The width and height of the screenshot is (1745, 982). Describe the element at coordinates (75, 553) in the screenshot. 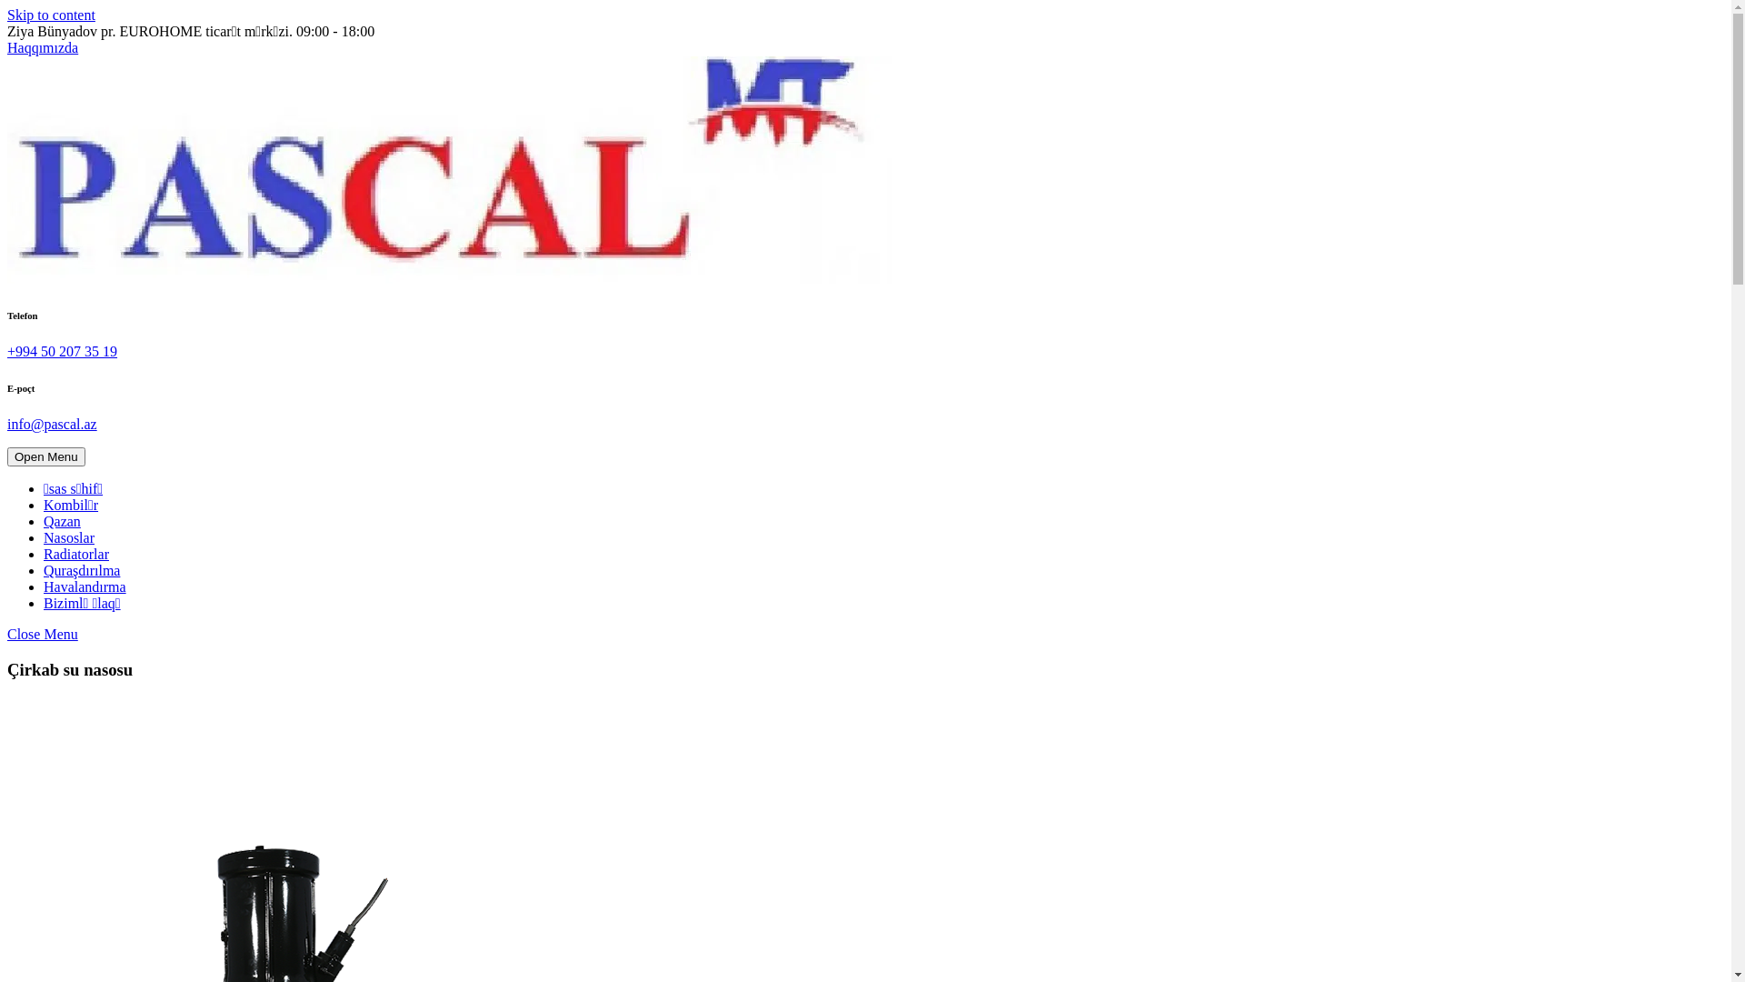

I see `'Radiatorlar'` at that location.